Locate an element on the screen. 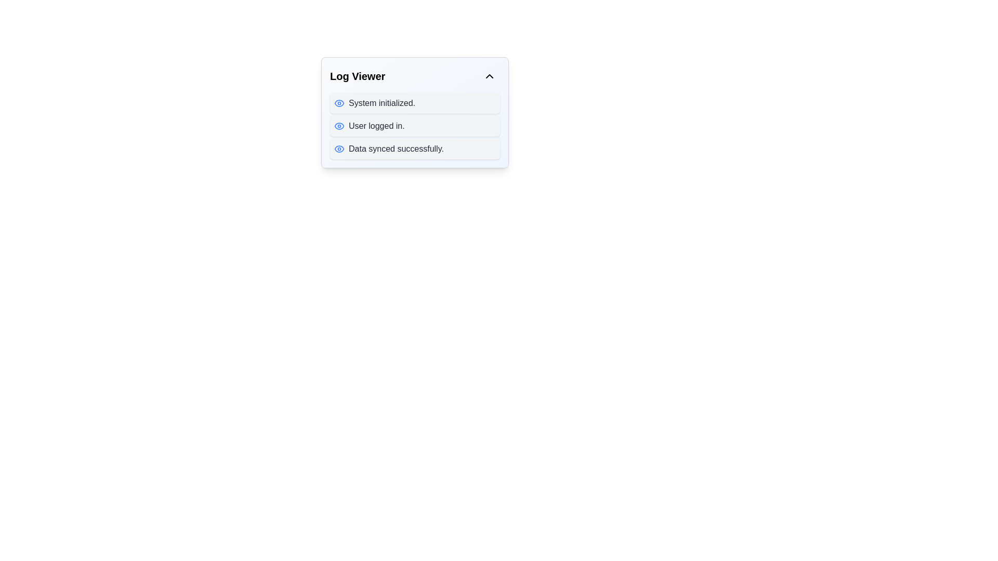  the third notification in the Log Viewer that indicates data synchronization has been completed successfully is located at coordinates (414, 149).